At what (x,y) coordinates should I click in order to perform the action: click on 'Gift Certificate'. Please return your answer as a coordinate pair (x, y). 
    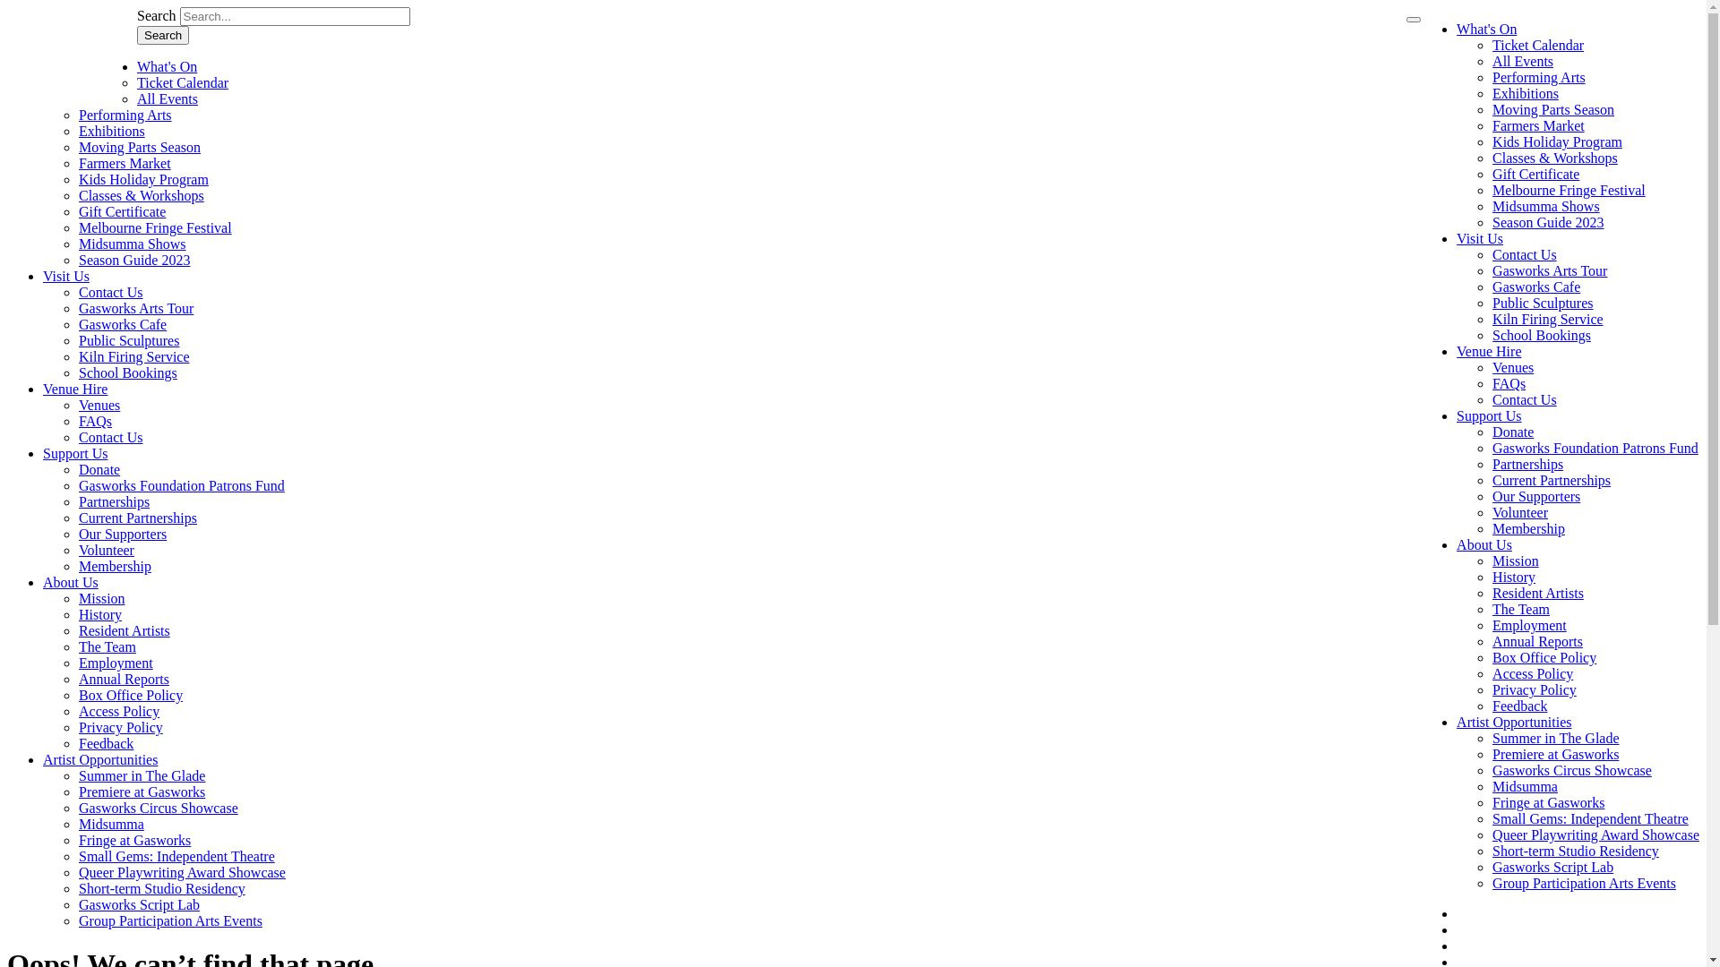
    Looking at the image, I should click on (1492, 174).